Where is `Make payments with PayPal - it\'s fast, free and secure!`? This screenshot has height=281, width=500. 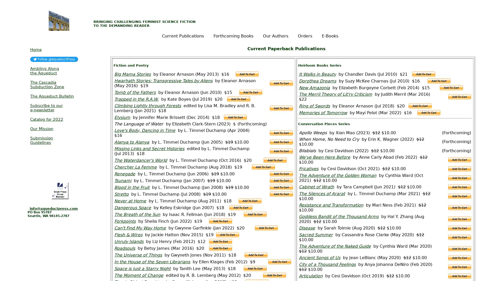
Make payments with PayPal - it\'s fast, free and secure! is located at coordinates (459, 169).